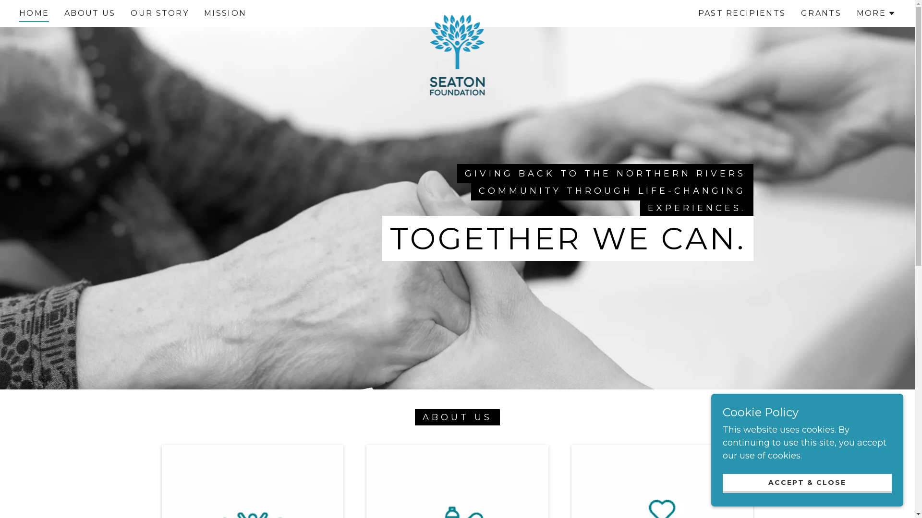  What do you see at coordinates (695, 13) in the screenshot?
I see `'PAST RECIPIENTS'` at bounding box center [695, 13].